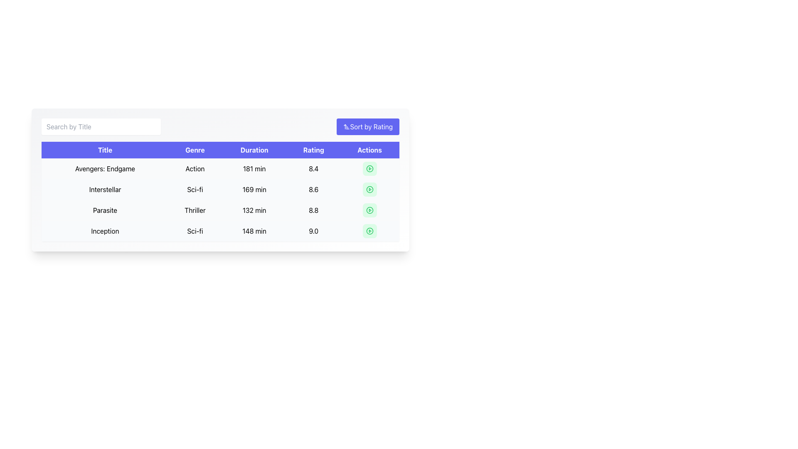  What do you see at coordinates (254, 189) in the screenshot?
I see `the text display showing '169 min' in the 'Duration' column for the movie 'Interstellar' located in the second row of the movie listing table` at bounding box center [254, 189].